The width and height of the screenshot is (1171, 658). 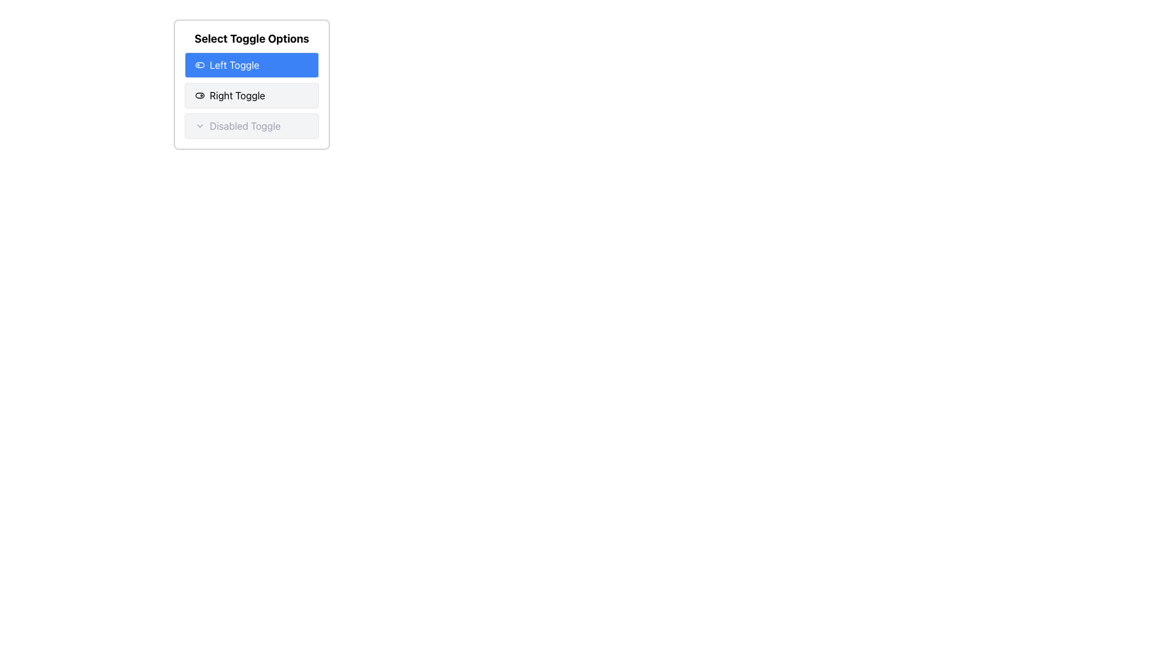 What do you see at coordinates (199, 126) in the screenshot?
I see `the downward-pointing chevron icon located to the left of the 'Disabled Toggle' text in the third option of the vertically-stacked toggle options list` at bounding box center [199, 126].